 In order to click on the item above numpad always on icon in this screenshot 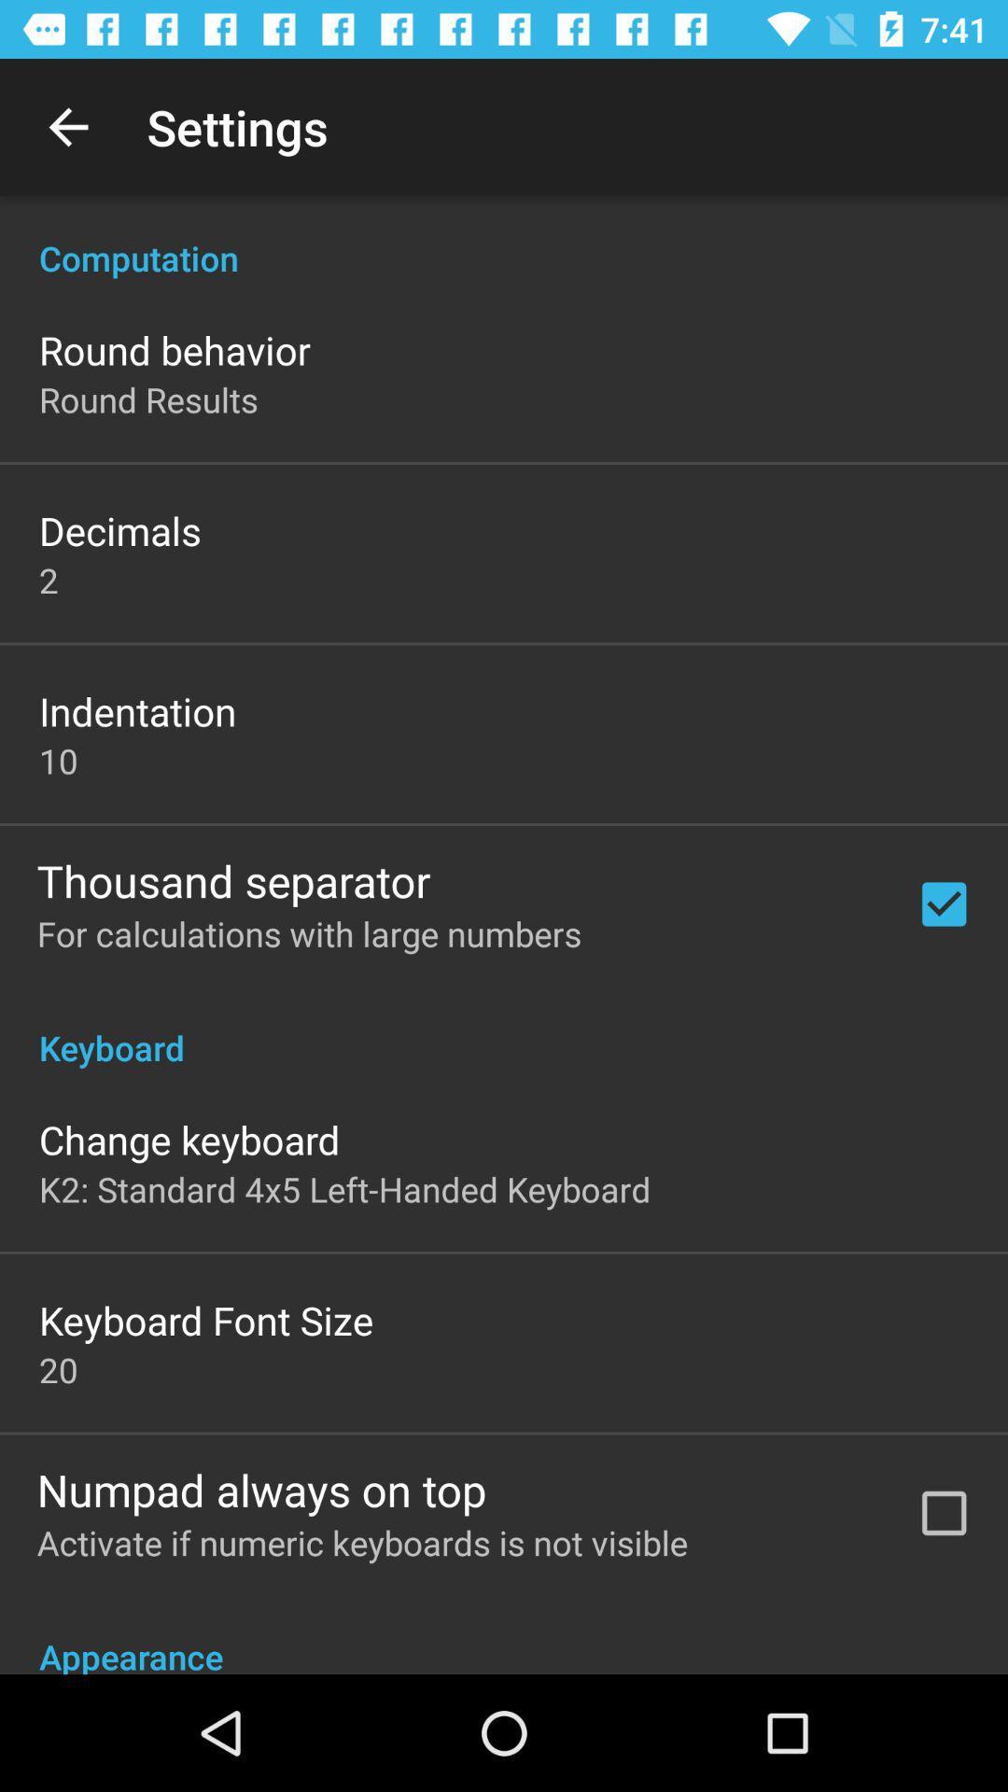, I will do `click(57, 1369)`.